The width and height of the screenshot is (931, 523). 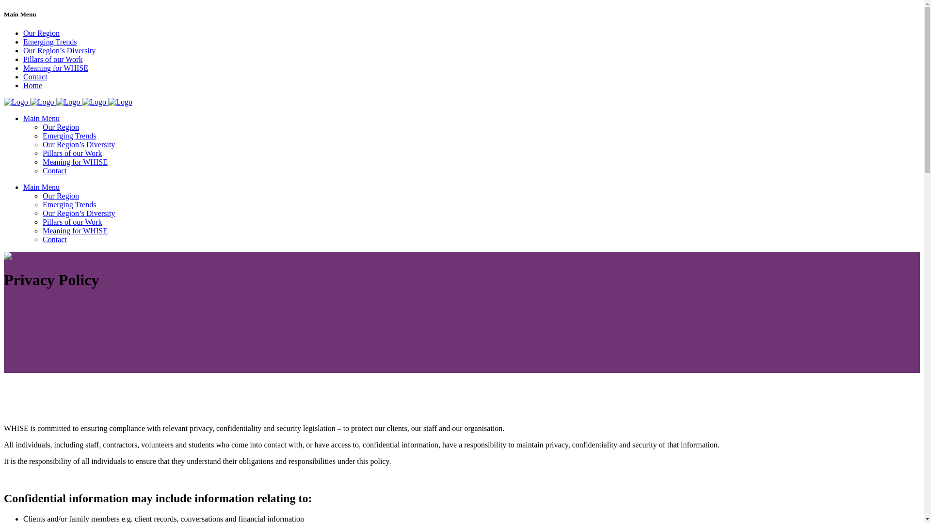 I want to click on 'Our Region', so click(x=60, y=196).